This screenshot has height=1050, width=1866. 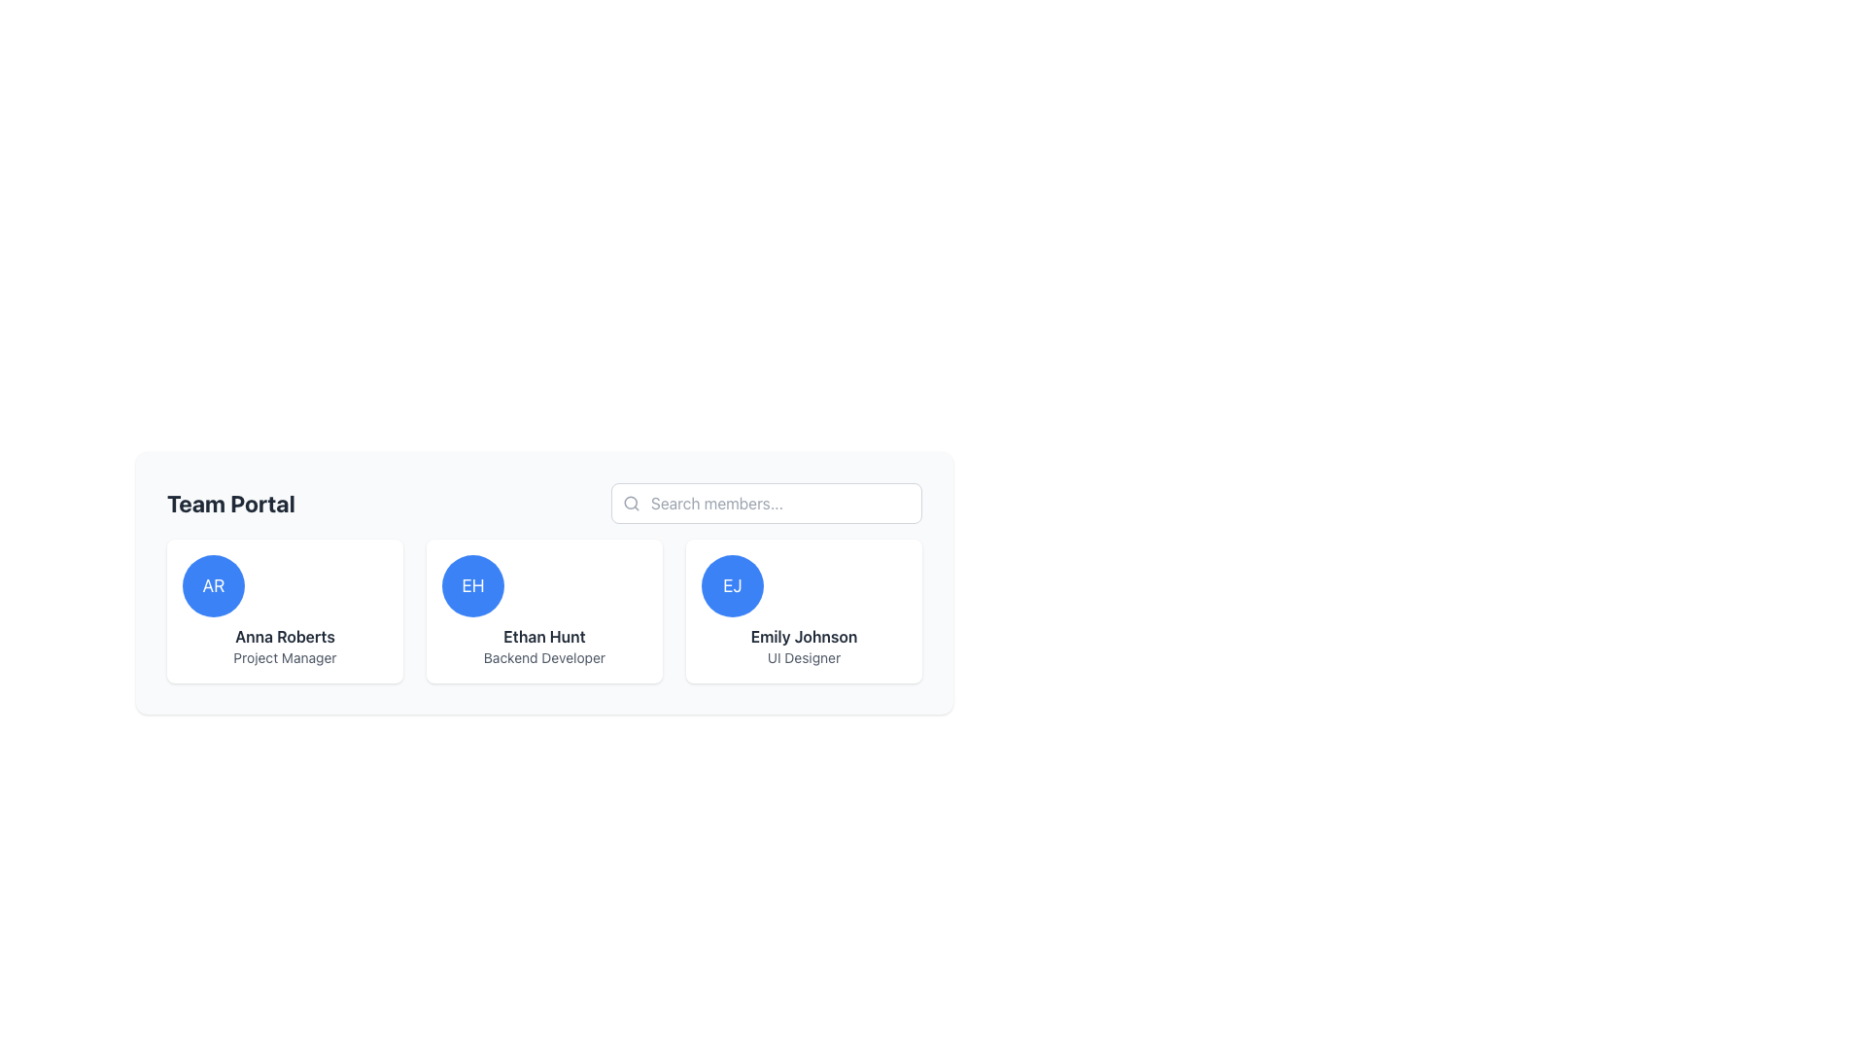 I want to click on the search icon located in the upper-right search field of the card UI, which signifies the search functionality, so click(x=631, y=502).